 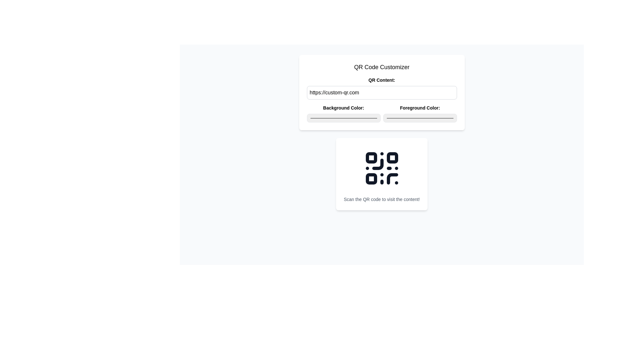 I want to click on the foreground color value by sliding, so click(x=415, y=118).